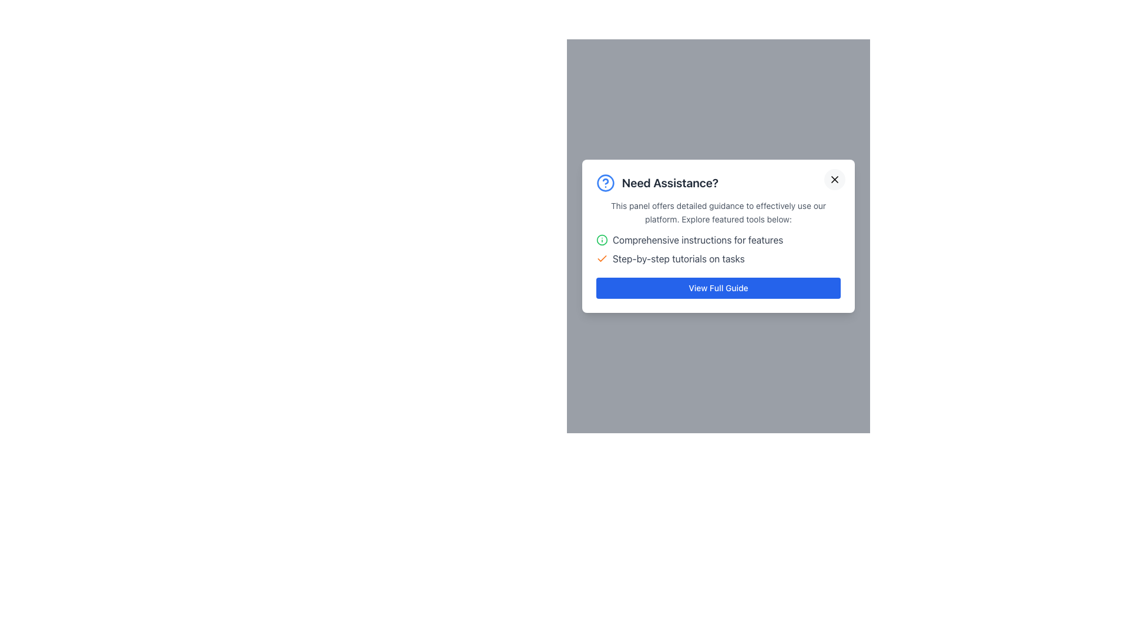  Describe the element at coordinates (834, 179) in the screenshot. I see `the circular button located in the top-right corner of the 'Need Assistance?' panel` at that location.